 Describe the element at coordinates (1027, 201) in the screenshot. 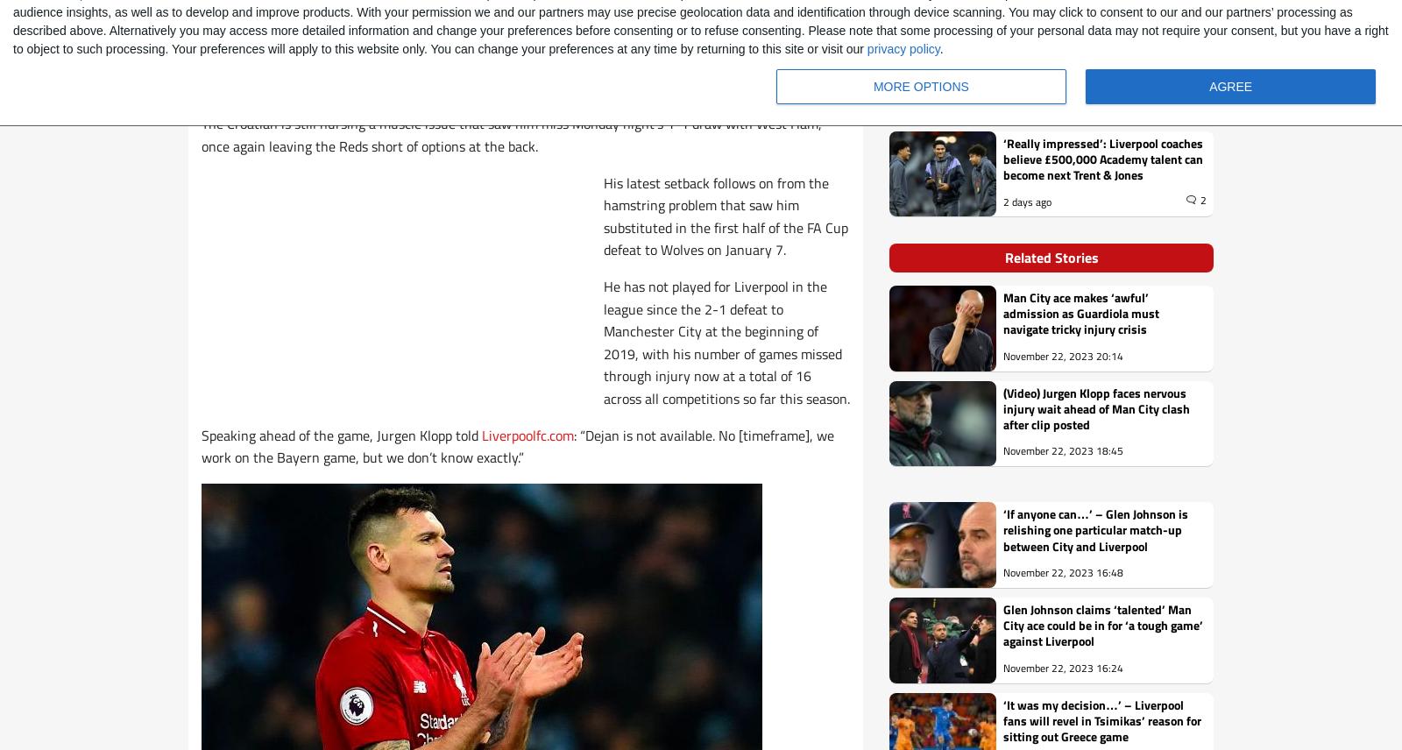

I see `'2 days ago'` at that location.